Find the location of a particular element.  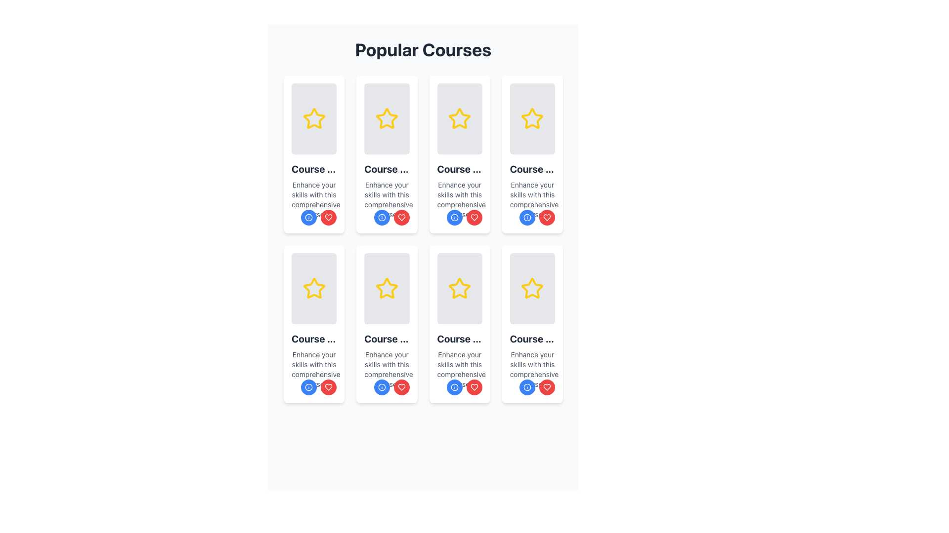

the third card widget in the top row of the grid layout, which features a white background, a yellow star icon, and the title 'Course Title 3' is located at coordinates (459, 154).